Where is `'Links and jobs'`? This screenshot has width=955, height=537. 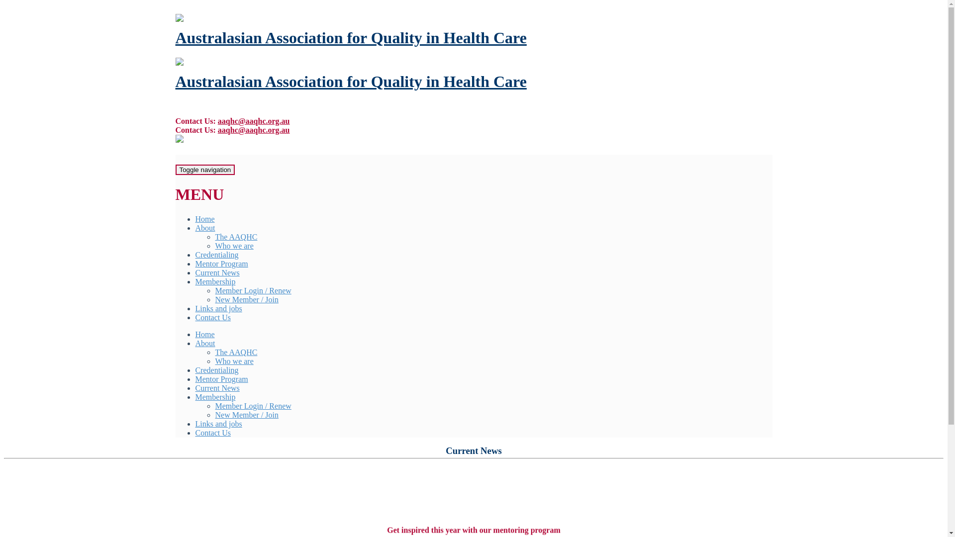 'Links and jobs' is located at coordinates (217, 308).